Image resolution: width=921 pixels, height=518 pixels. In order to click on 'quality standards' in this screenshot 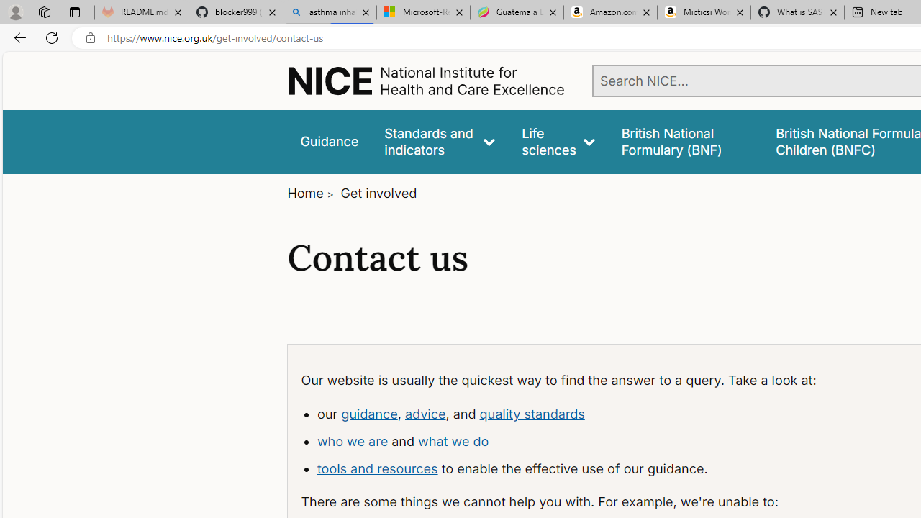, I will do `click(531, 413)`.